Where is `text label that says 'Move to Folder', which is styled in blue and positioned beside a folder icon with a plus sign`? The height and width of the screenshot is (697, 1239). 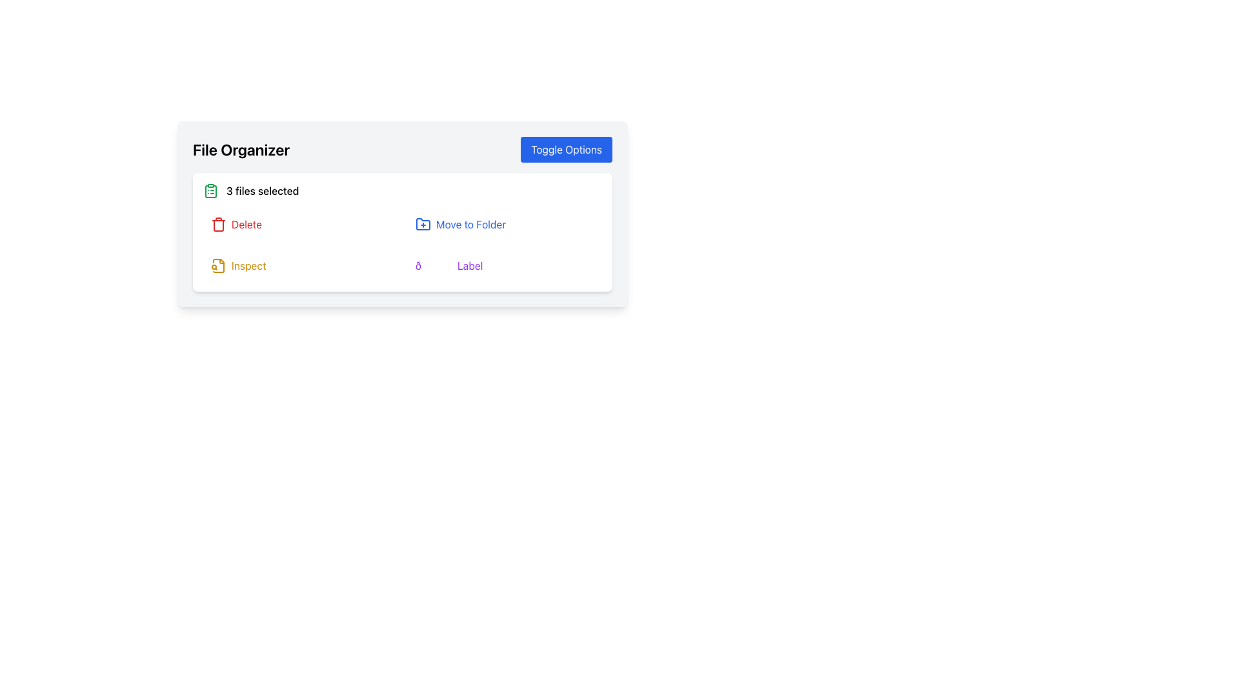
text label that says 'Move to Folder', which is styled in blue and positioned beside a folder icon with a plus sign is located at coordinates (470, 223).